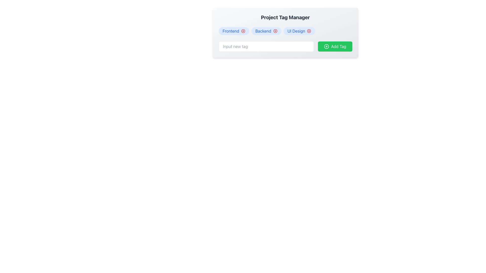 The width and height of the screenshot is (486, 273). I want to click on the close button for the 'Frontend' tag in the 'Project Tag Manager' interface, so click(243, 31).